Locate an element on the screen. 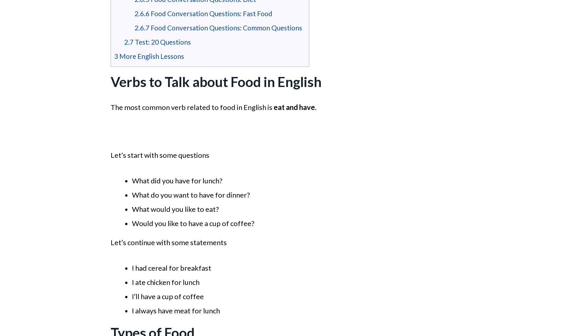 The width and height of the screenshot is (577, 336). 'Let’s start with some questions' is located at coordinates (160, 155).